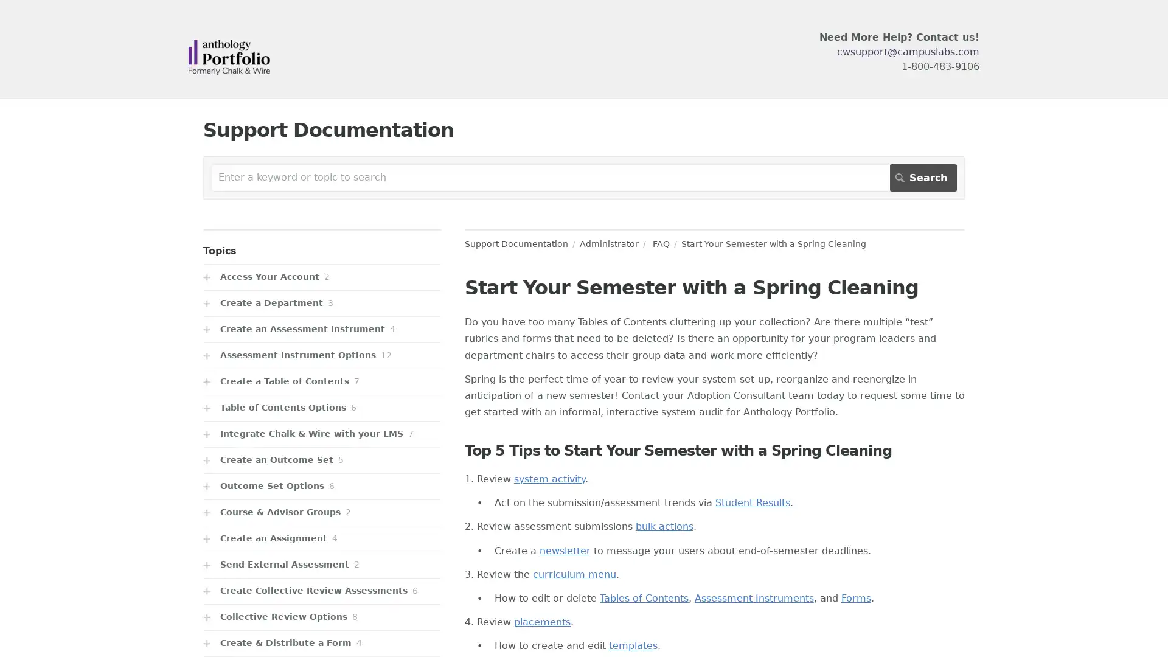 The image size is (1168, 657). I want to click on Create an Assessment Instrument 4, so click(322, 329).